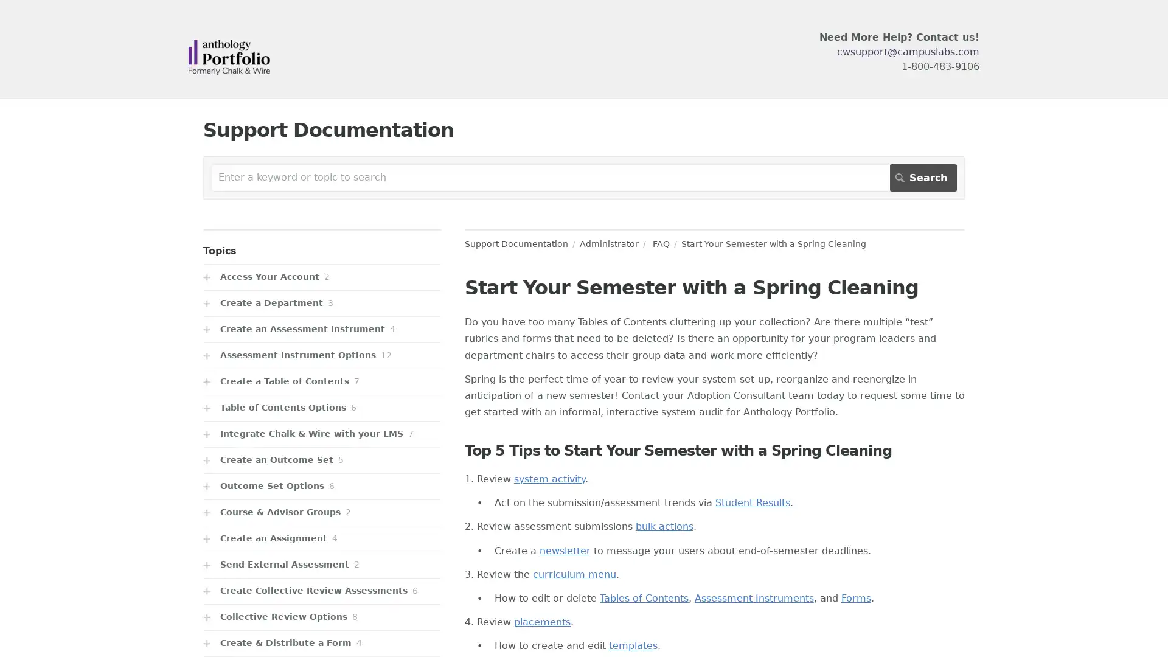 The image size is (1168, 657). I want to click on Create an Assessment Instrument 4, so click(322, 329).